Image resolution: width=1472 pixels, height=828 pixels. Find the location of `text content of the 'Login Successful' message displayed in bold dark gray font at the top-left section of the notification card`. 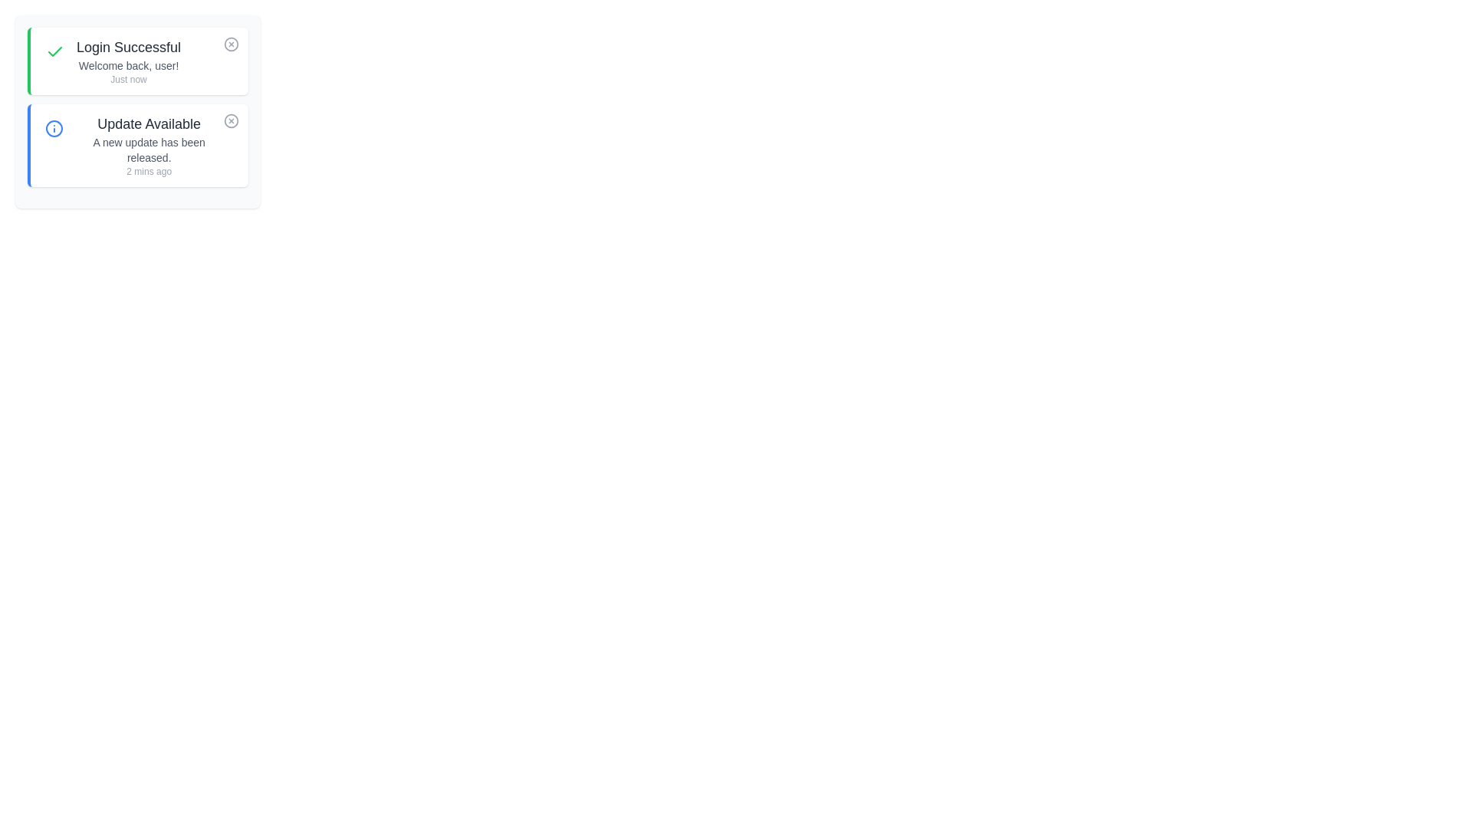

text content of the 'Login Successful' message displayed in bold dark gray font at the top-left section of the notification card is located at coordinates (129, 46).